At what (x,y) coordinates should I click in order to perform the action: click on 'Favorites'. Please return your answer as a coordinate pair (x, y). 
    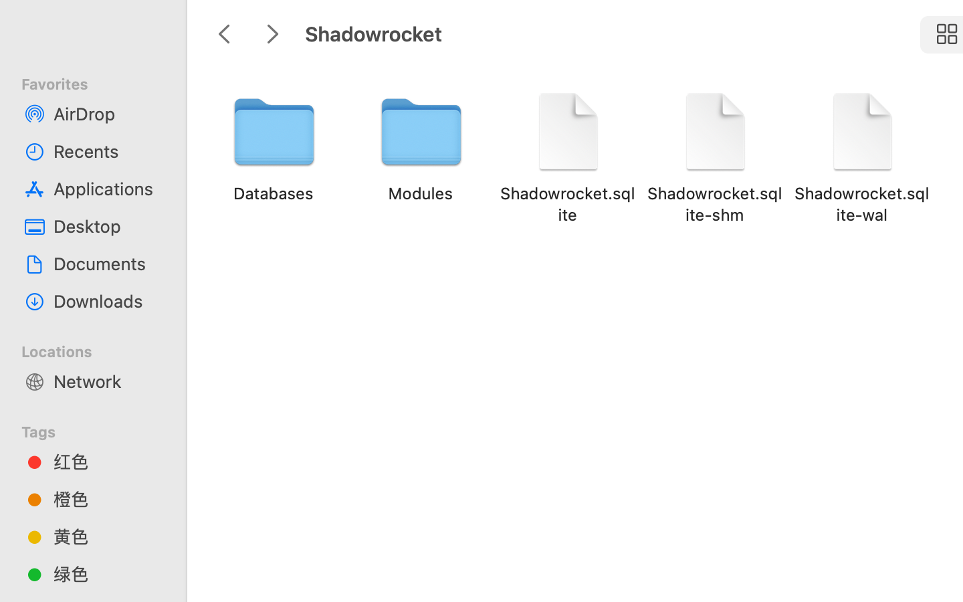
    Looking at the image, I should click on (100, 82).